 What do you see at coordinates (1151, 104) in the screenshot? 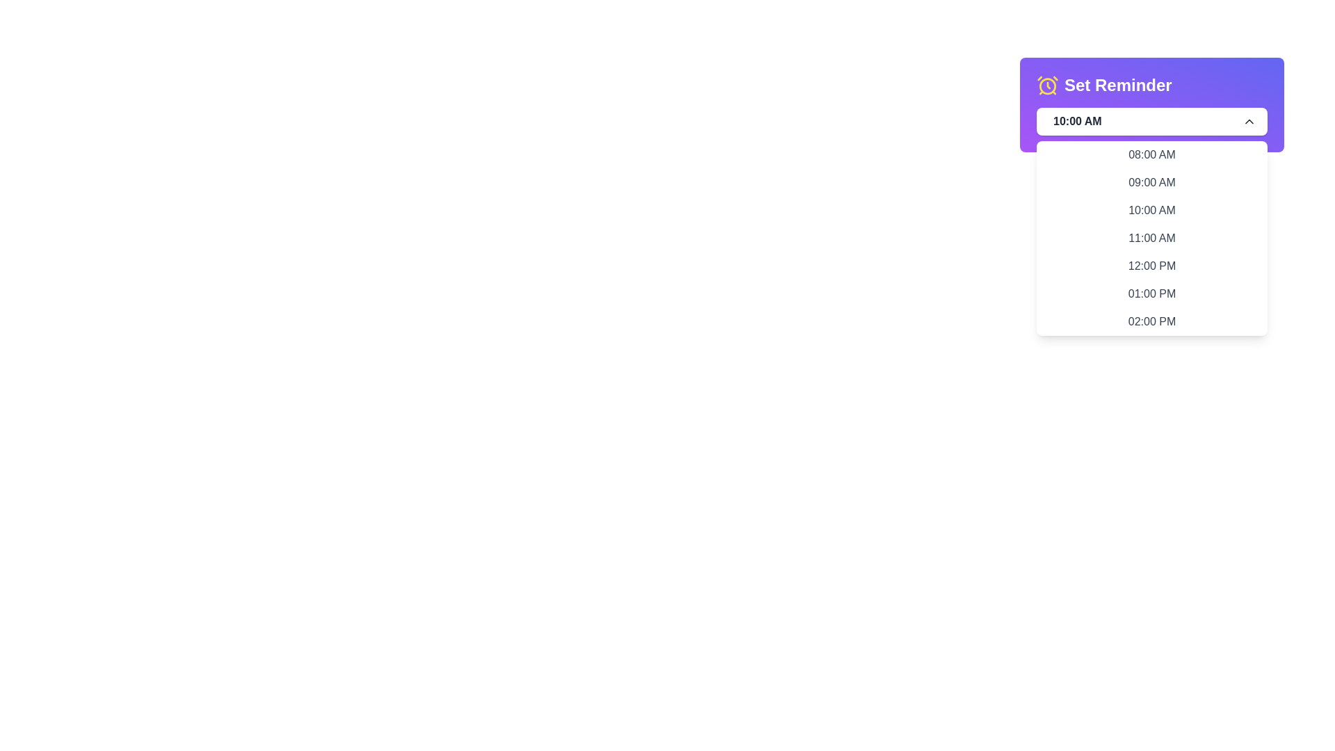
I see `the dropdown arrow of the 'Set Reminder' Dropdown-Header Component` at bounding box center [1151, 104].